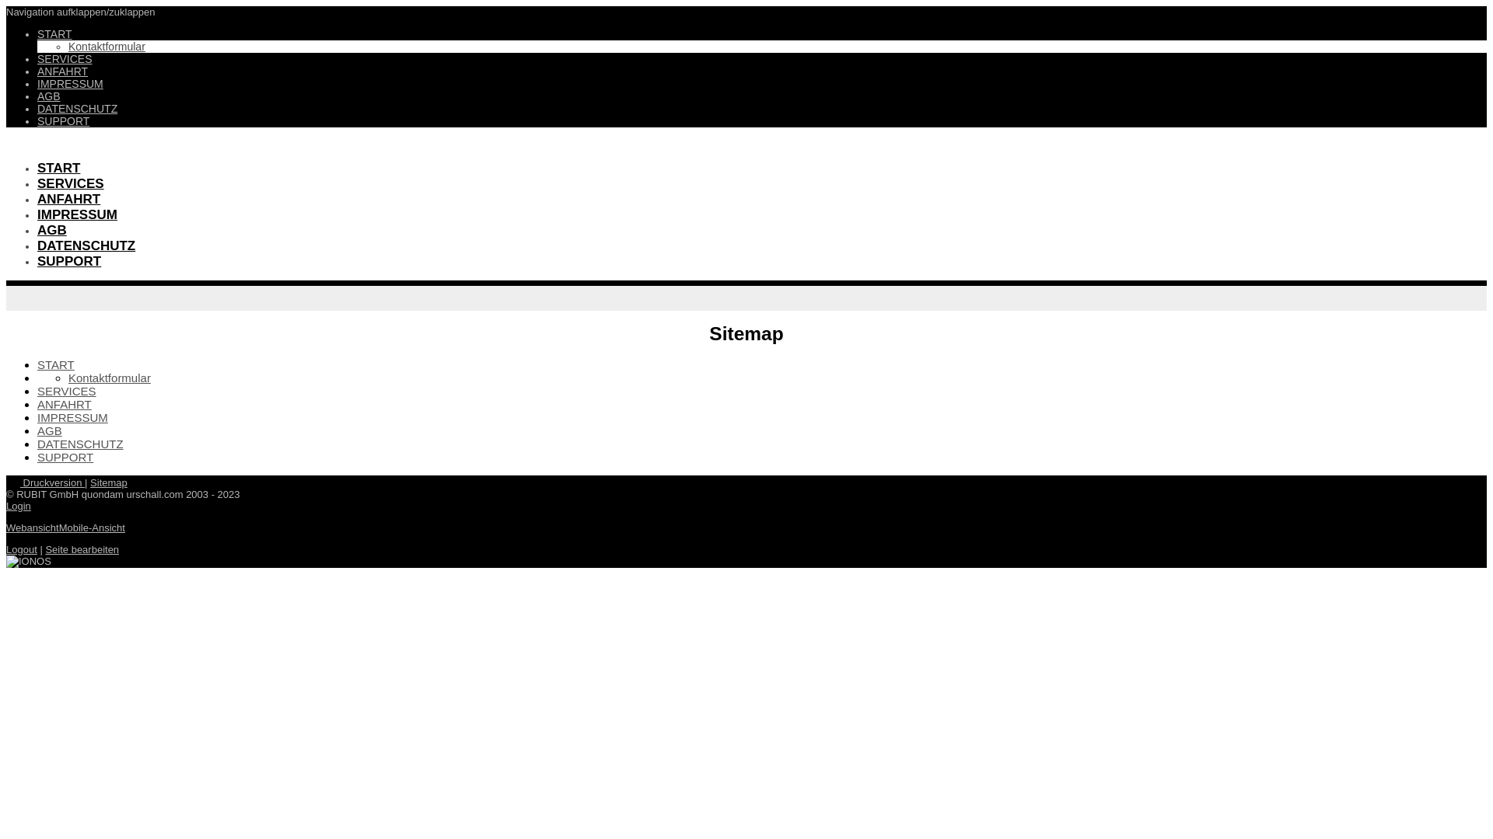 Image resolution: width=1493 pixels, height=839 pixels. Describe the element at coordinates (76, 107) in the screenshot. I see `'DATENSCHUTZ'` at that location.